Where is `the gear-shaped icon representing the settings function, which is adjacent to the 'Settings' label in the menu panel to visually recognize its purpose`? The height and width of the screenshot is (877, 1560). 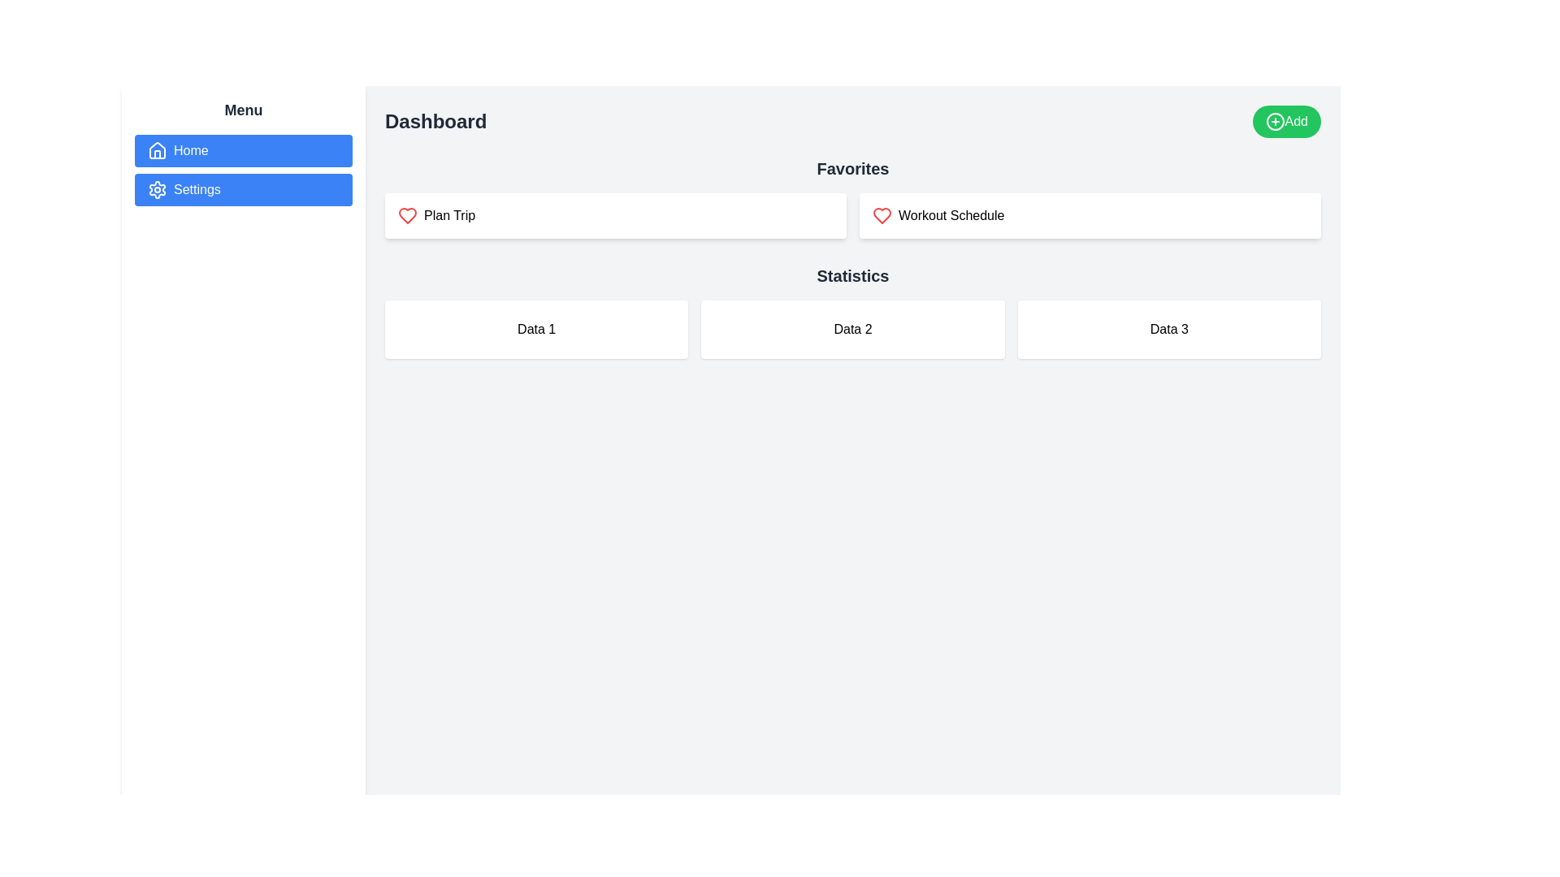 the gear-shaped icon representing the settings function, which is adjacent to the 'Settings' label in the menu panel to visually recognize its purpose is located at coordinates (157, 189).